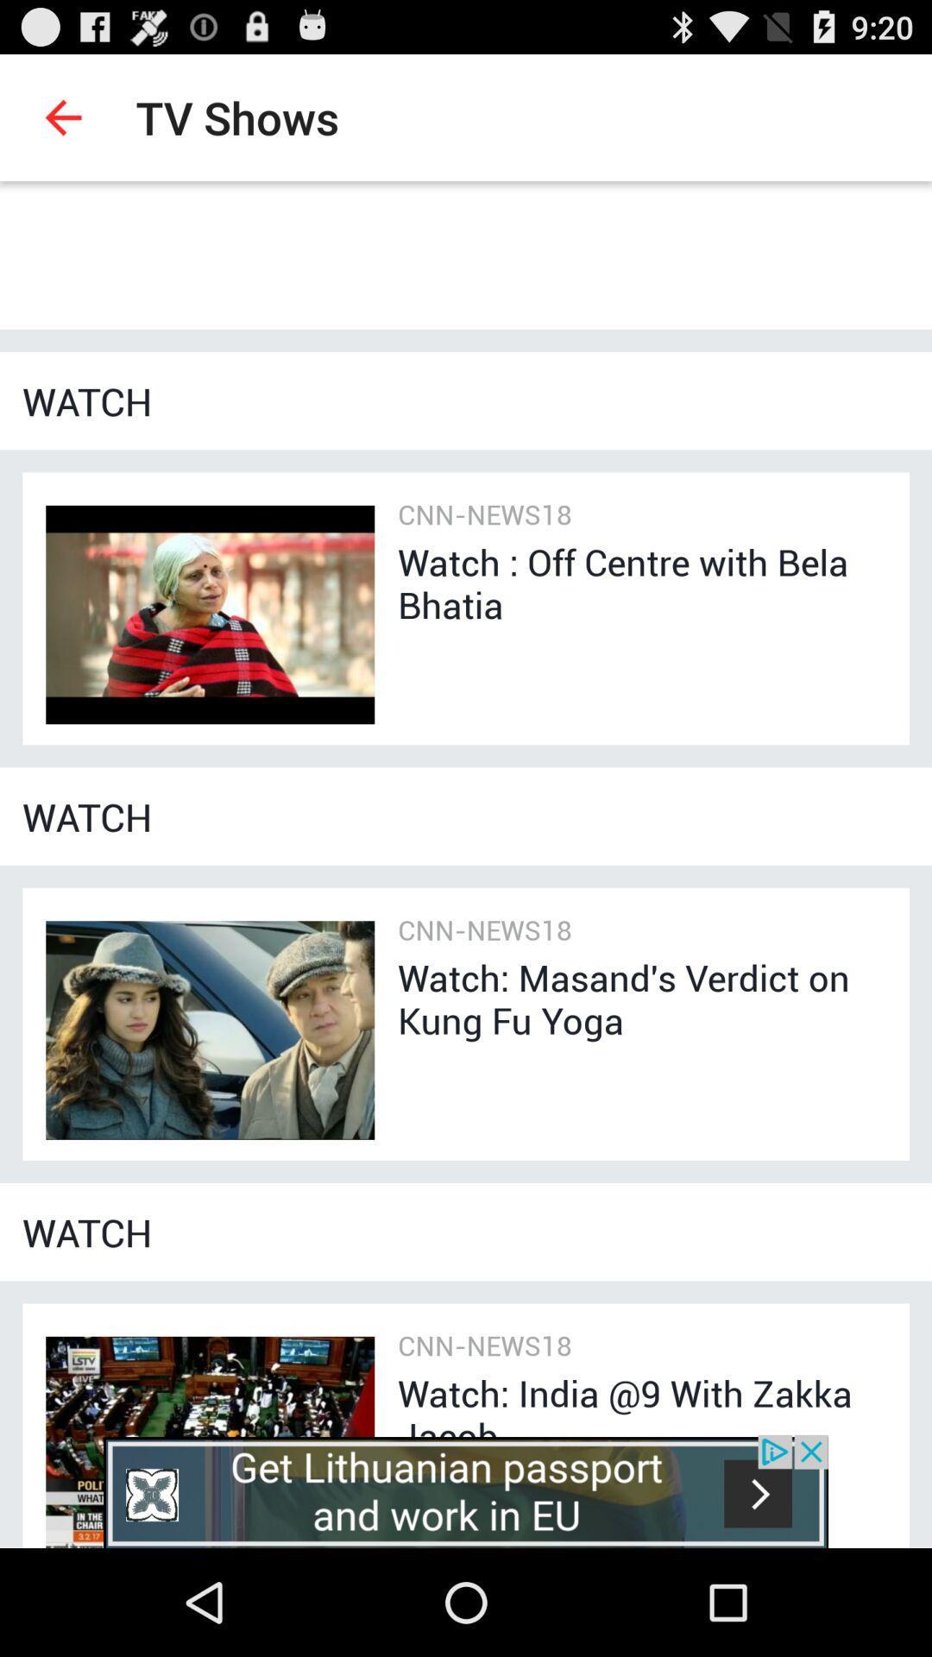 This screenshot has height=1657, width=932. Describe the element at coordinates (466, 1490) in the screenshot. I see `advertisement banner` at that location.